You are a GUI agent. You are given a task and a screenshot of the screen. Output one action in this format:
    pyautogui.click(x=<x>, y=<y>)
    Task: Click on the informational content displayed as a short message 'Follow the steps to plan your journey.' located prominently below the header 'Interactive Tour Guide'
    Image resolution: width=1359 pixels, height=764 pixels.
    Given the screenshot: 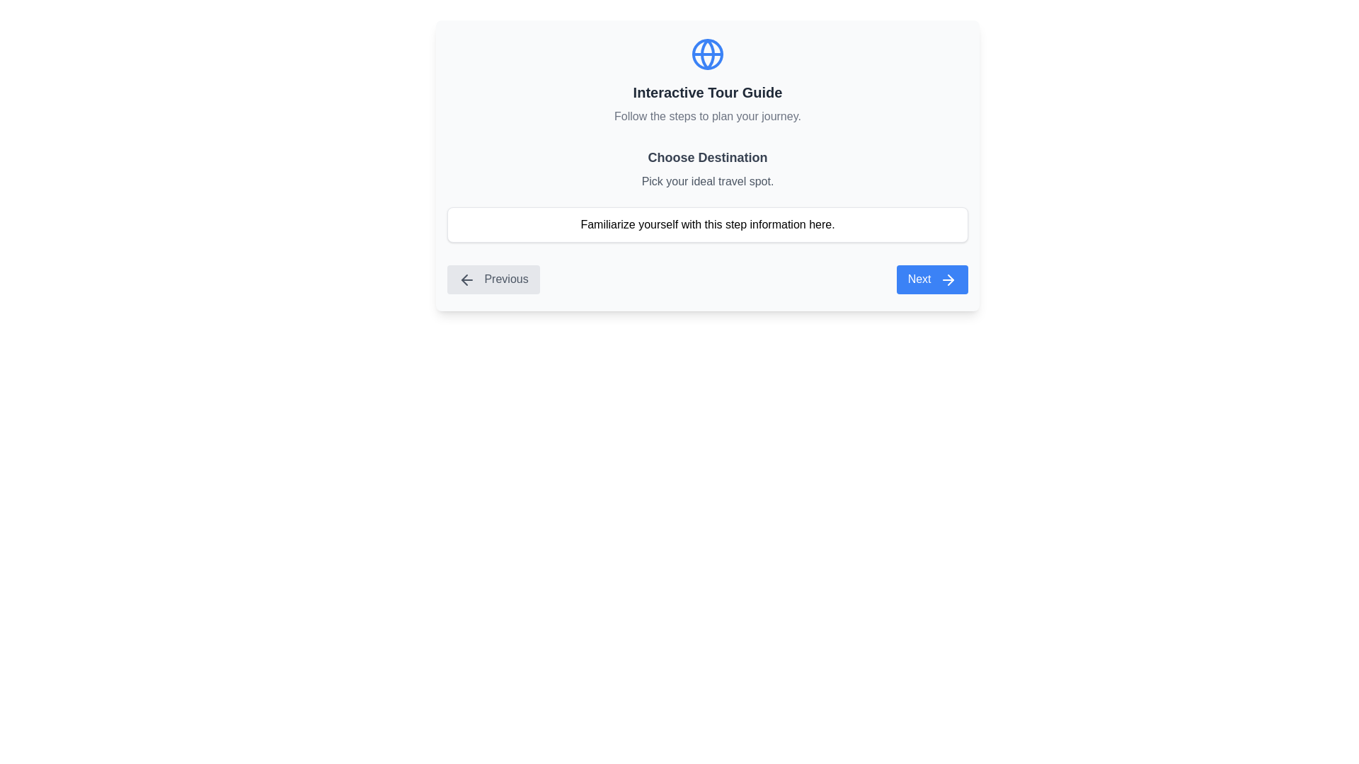 What is the action you would take?
    pyautogui.click(x=707, y=116)
    